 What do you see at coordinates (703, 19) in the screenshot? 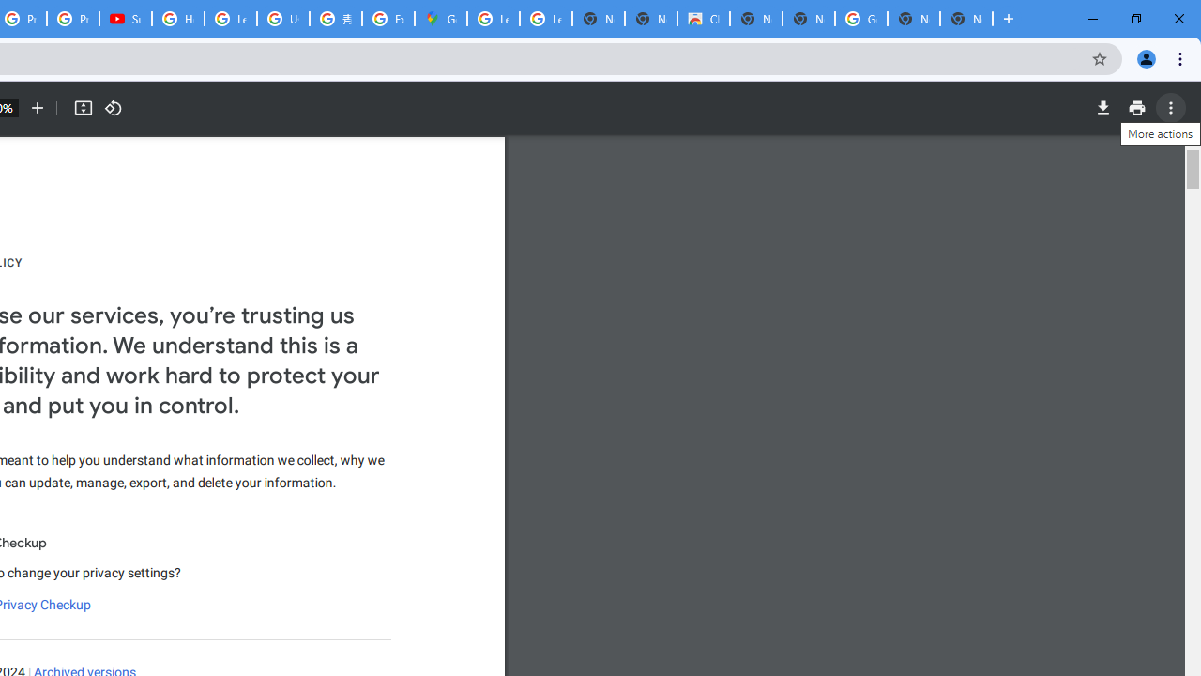
I see `'Chrome Web Store'` at bounding box center [703, 19].